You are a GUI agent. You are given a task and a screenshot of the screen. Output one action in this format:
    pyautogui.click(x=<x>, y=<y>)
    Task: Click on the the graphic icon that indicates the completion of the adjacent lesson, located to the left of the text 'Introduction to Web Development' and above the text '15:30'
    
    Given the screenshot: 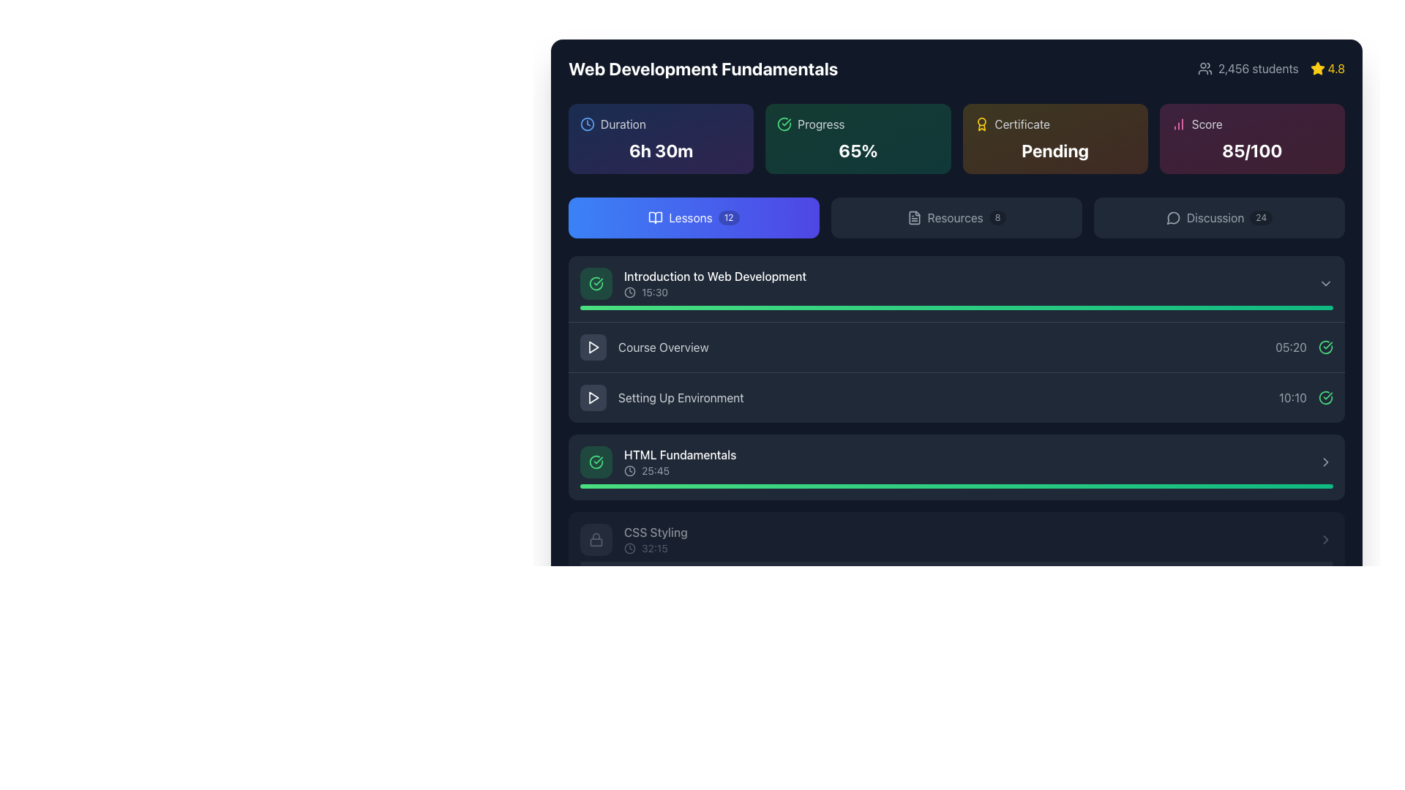 What is the action you would take?
    pyautogui.click(x=596, y=284)
    